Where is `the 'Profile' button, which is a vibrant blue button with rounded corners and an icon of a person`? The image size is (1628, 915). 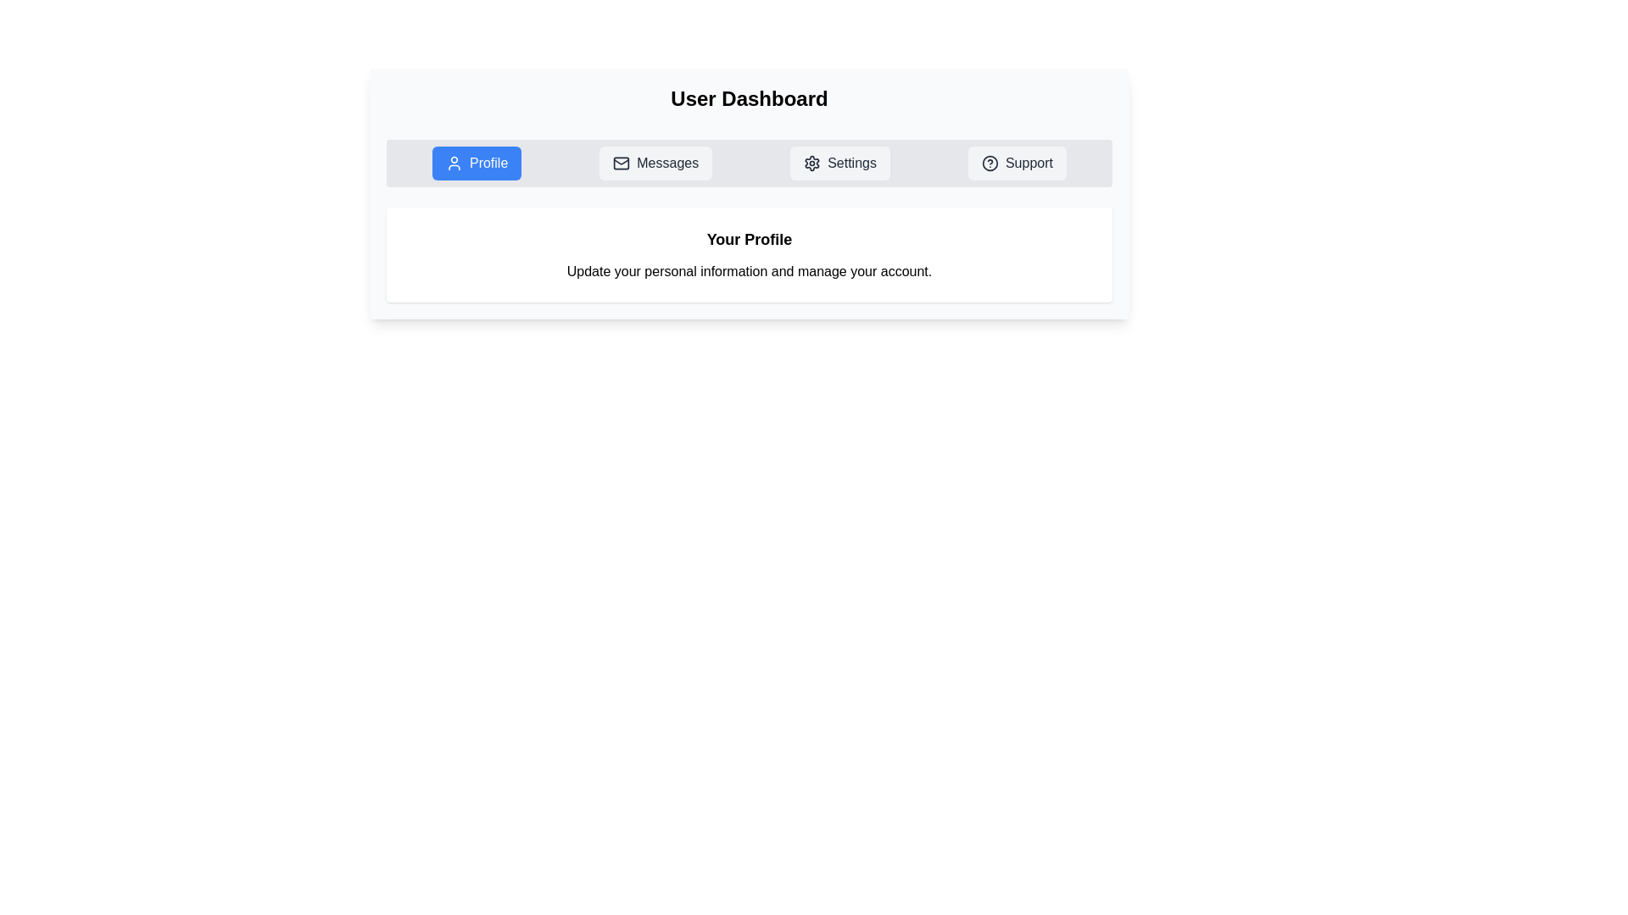 the 'Profile' button, which is a vibrant blue button with rounded corners and an icon of a person is located at coordinates (476, 163).